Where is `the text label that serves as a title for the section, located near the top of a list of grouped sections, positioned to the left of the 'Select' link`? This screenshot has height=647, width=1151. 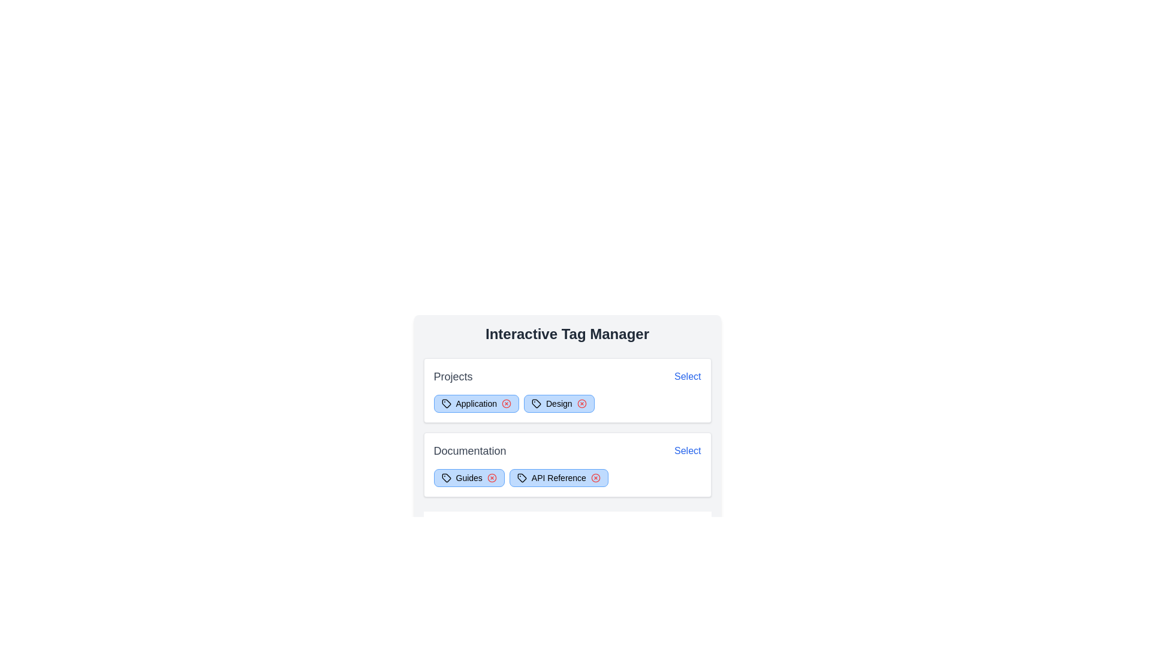 the text label that serves as a title for the section, located near the top of a list of grouped sections, positioned to the left of the 'Select' link is located at coordinates (453, 376).